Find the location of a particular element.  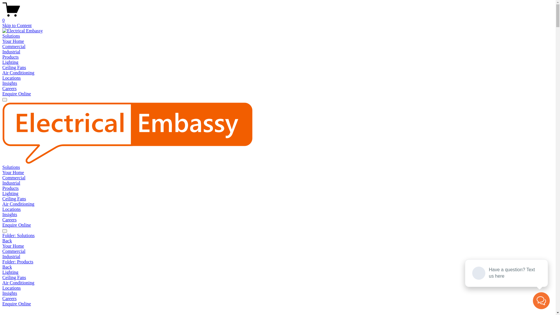

'Lighting' is located at coordinates (2, 272).